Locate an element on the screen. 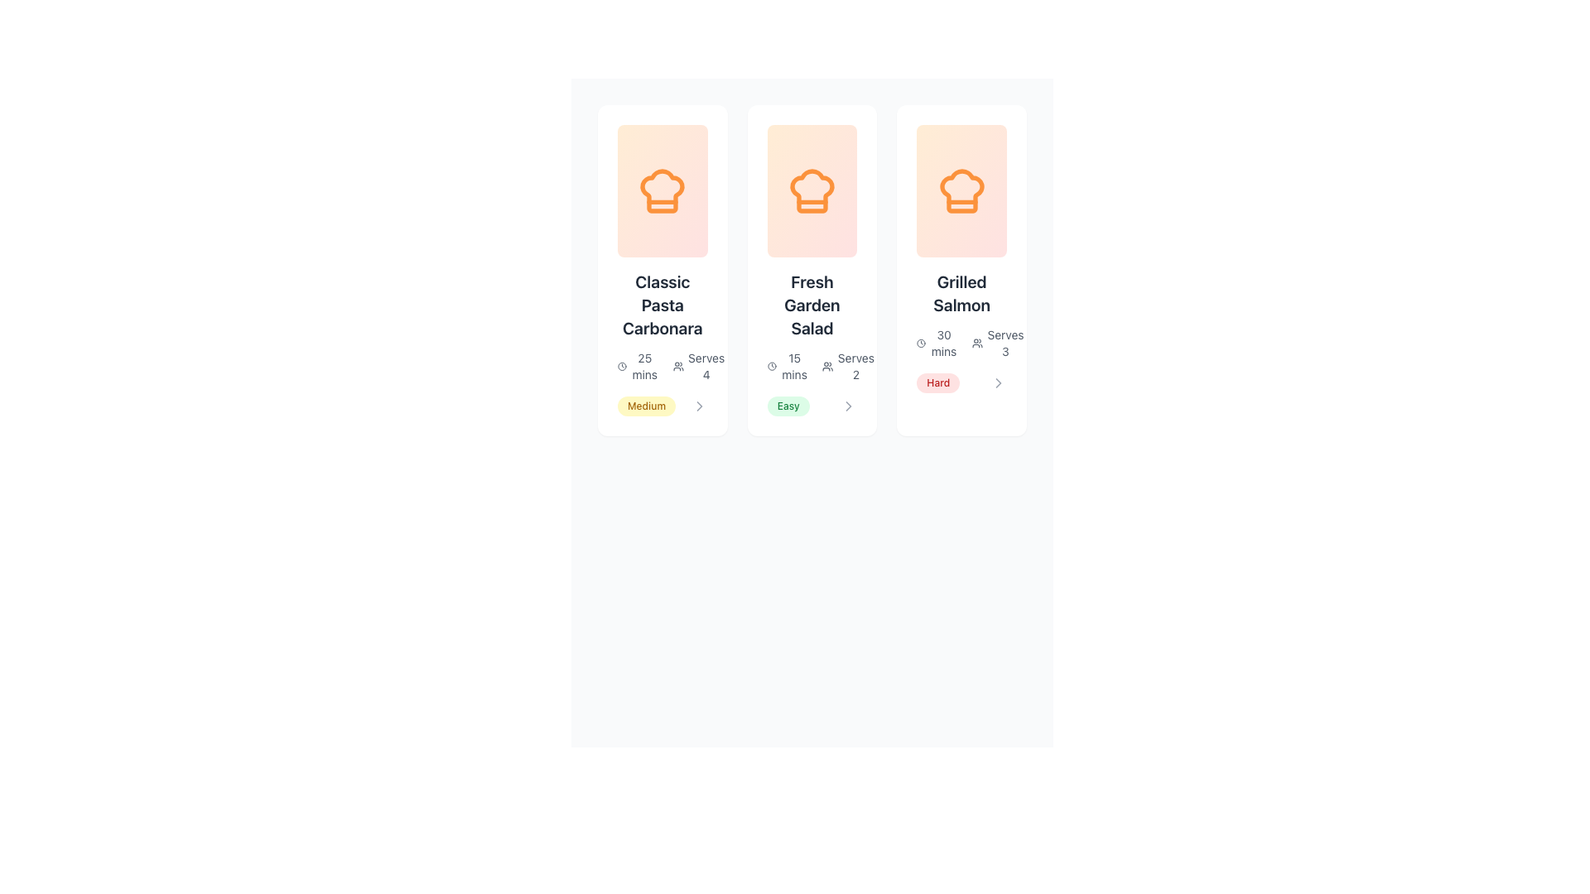 The height and width of the screenshot is (894, 1590). the chef hat icon outlined in orange located at the top-center of the 'Classic Pasta Carbonara' card is located at coordinates (662, 190).